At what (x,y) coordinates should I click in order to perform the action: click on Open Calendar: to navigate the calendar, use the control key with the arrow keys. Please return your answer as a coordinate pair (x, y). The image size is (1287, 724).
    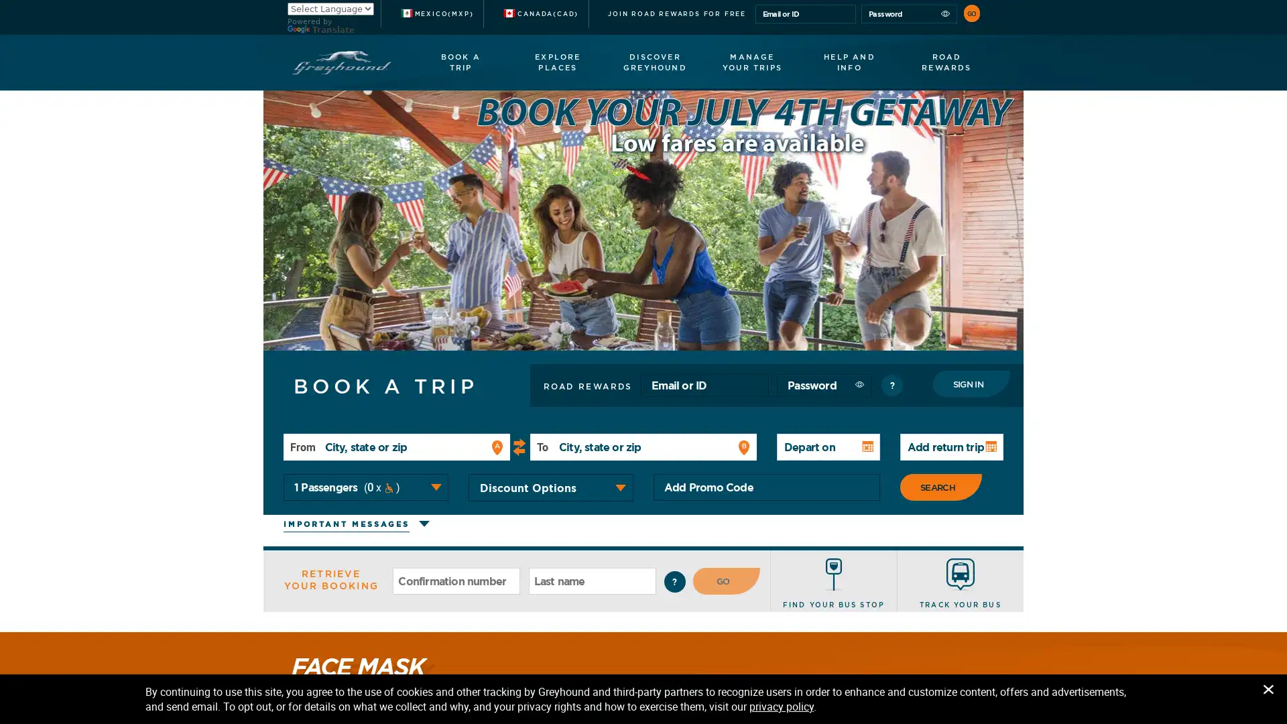
    Looking at the image, I should click on (991, 446).